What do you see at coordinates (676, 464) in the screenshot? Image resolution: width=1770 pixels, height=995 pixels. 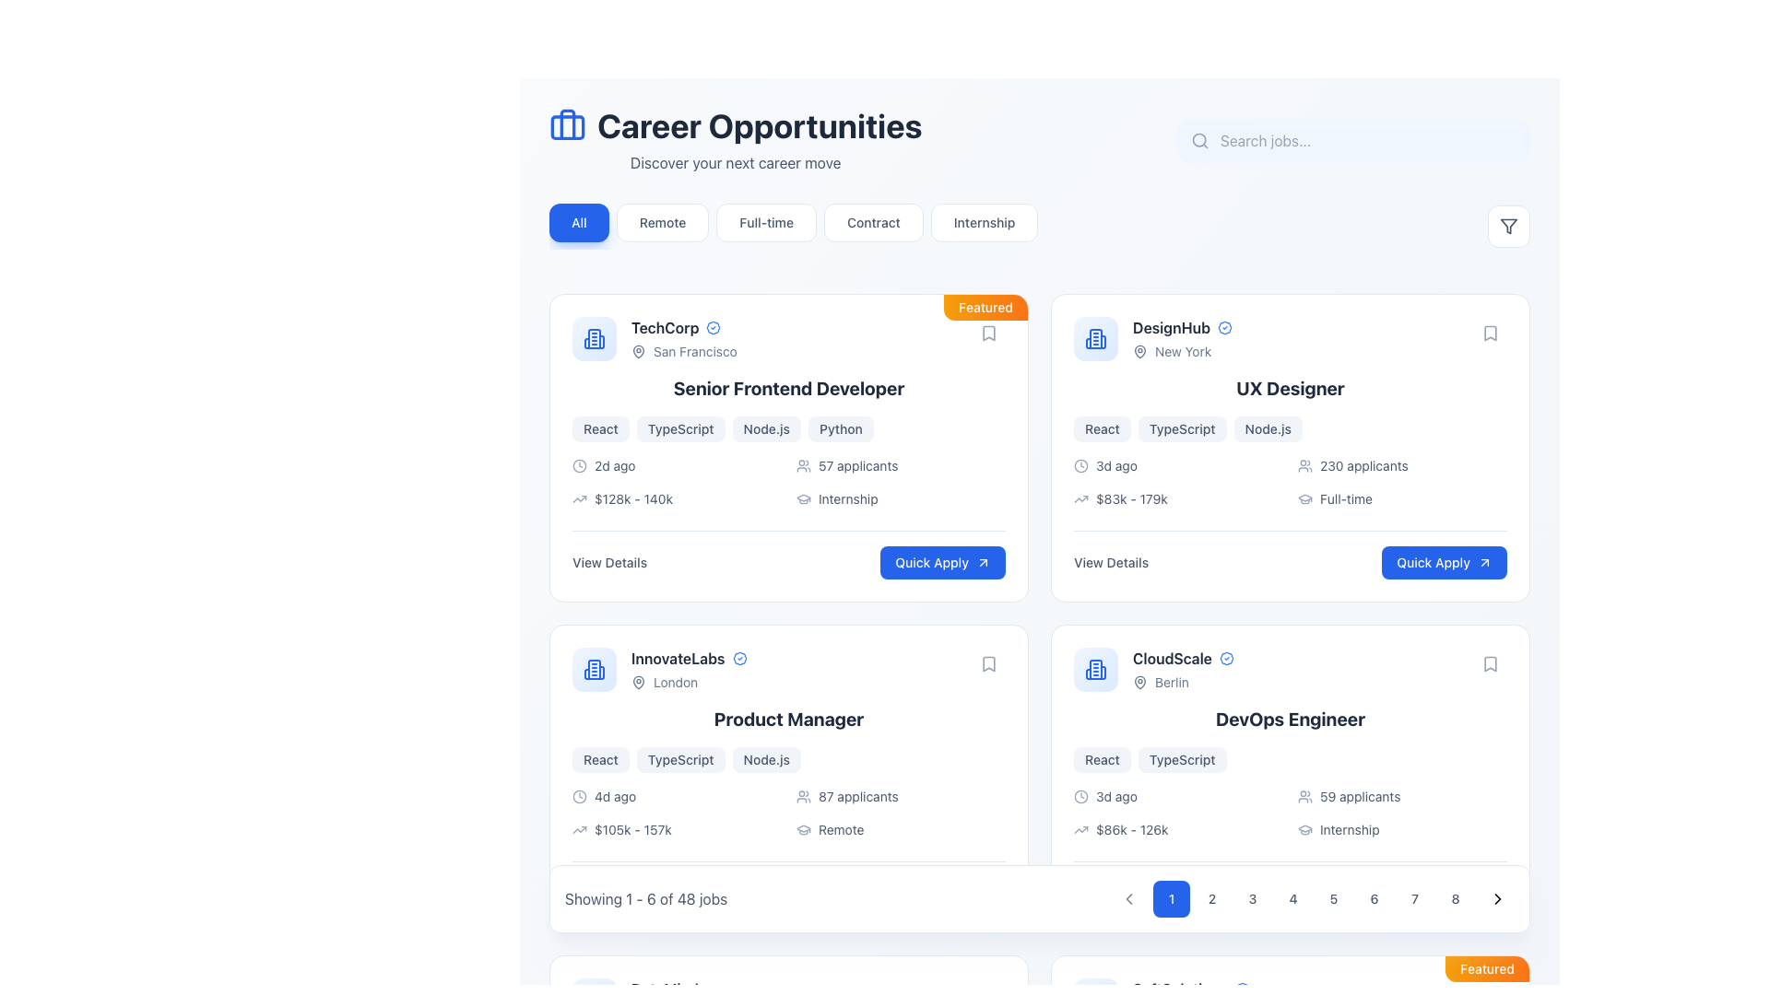 I see `the decorative informational component that indicates the time elapsed since the job posting, located in the upper-left section of the 'Career Opportunities' interface, under the job title and above the salary range` at bounding box center [676, 464].